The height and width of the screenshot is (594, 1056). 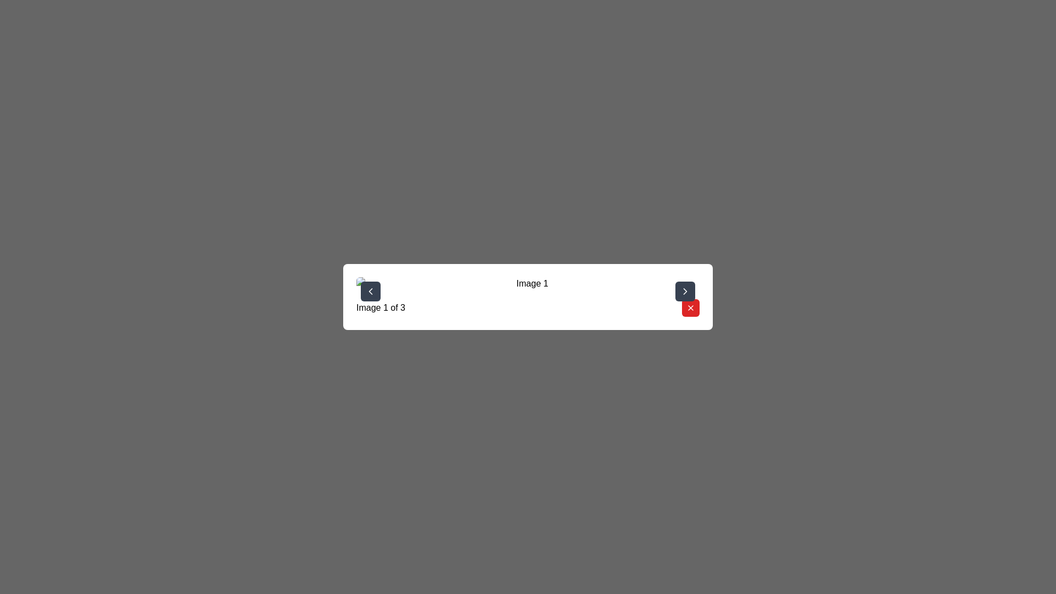 What do you see at coordinates (685, 290) in the screenshot?
I see `the right-pointing chevron icon located inside a dark circular button on the right side of the UI` at bounding box center [685, 290].